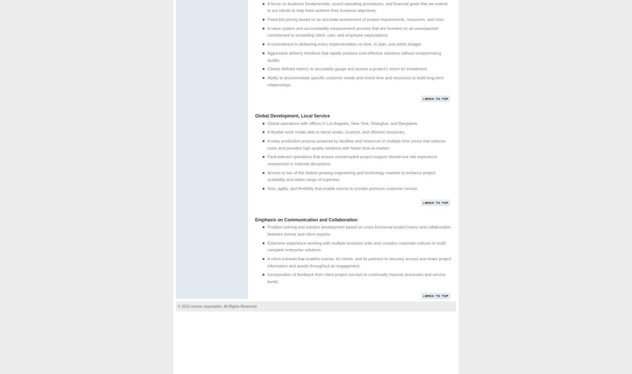  I want to click on 'Extensive experience working with multiple business units and complex corporate cultures to build complete enterprise solutions.', so click(356, 246).